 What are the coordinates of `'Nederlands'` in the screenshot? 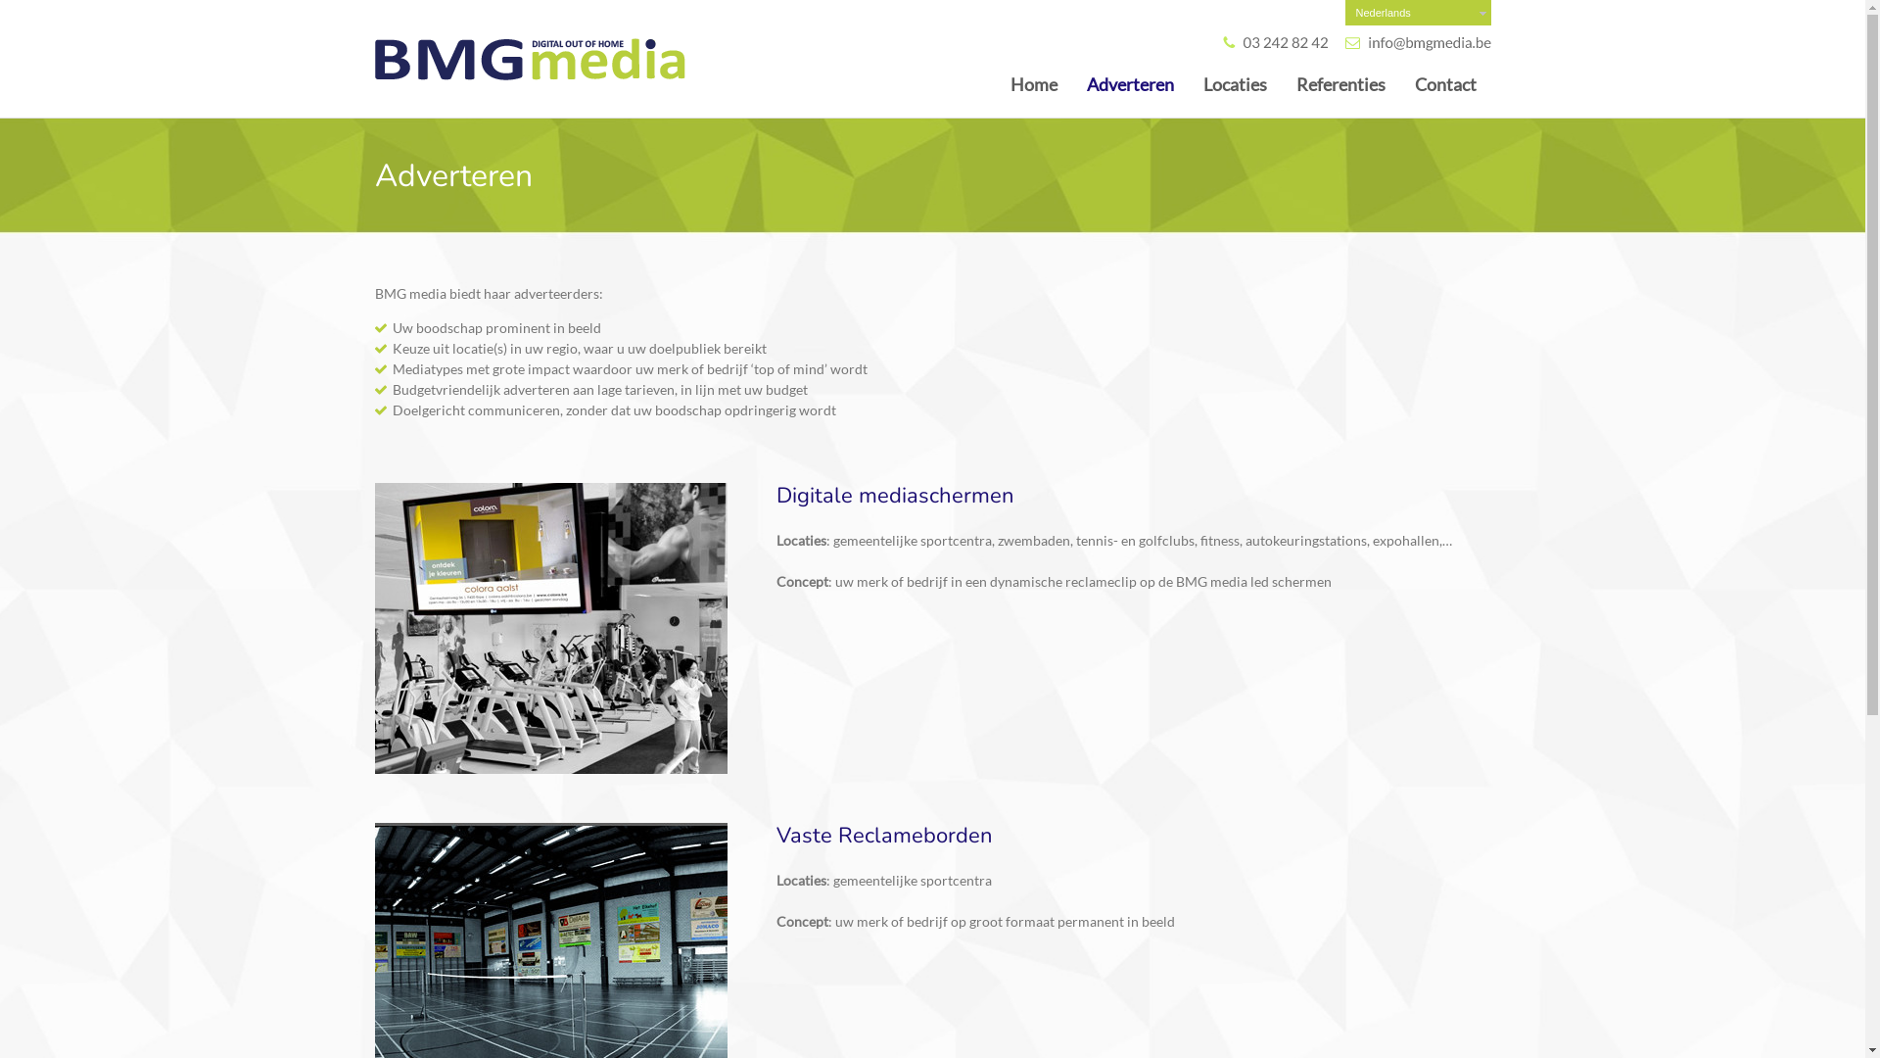 It's located at (1343, 12).